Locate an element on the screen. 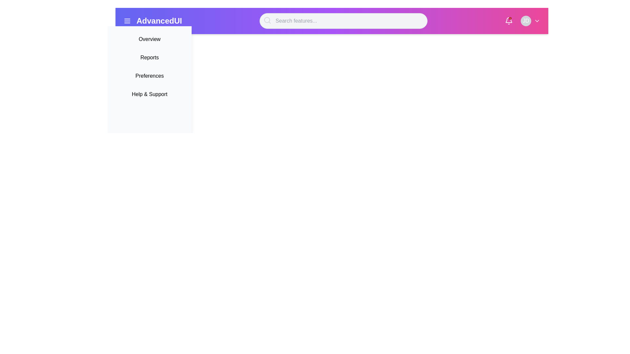 This screenshot has width=630, height=354. the Notification Icon located at the top-right corner of the application interface is located at coordinates (508, 21).